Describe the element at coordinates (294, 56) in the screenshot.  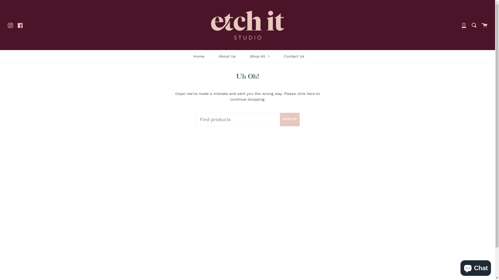
I see `'Contact Us'` at that location.